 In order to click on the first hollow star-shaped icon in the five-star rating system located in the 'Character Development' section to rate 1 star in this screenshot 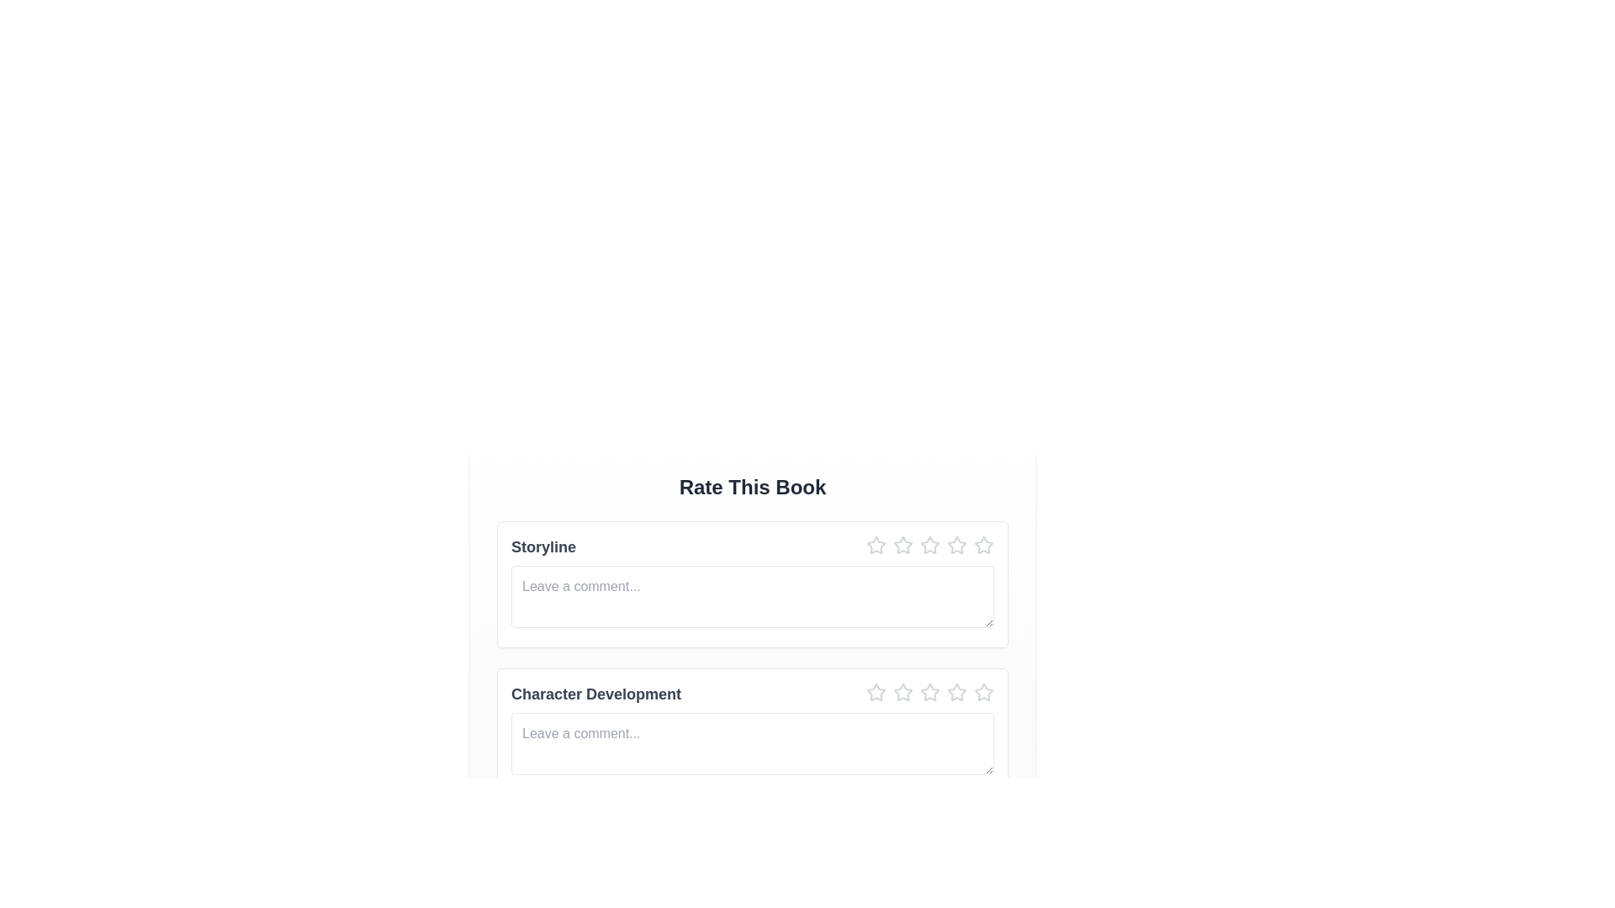, I will do `click(875, 693)`.